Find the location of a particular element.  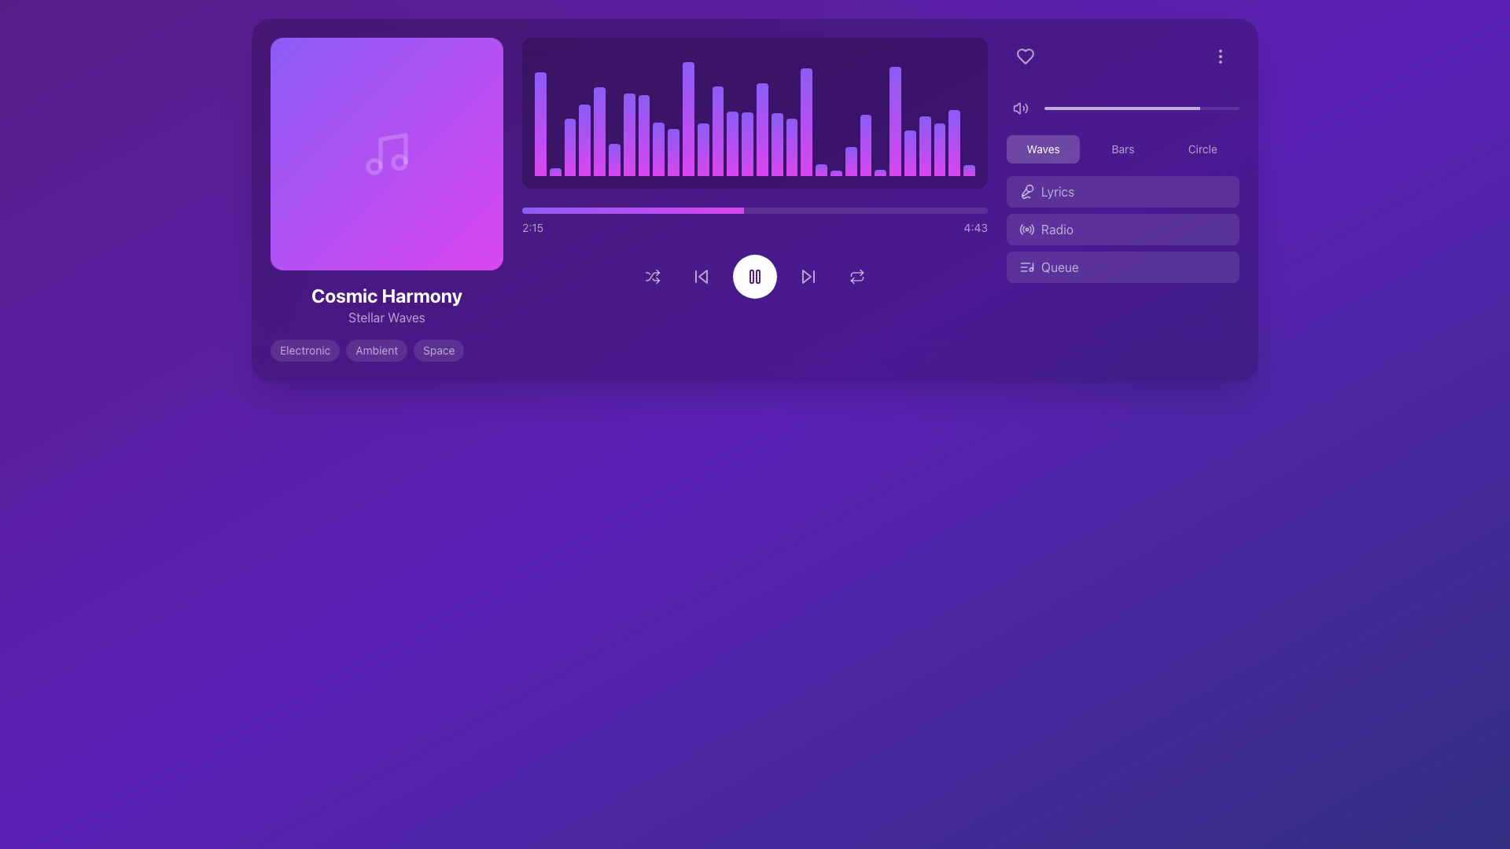

the third vertical bar in the bar chart, which has a gradient color from fuchsia to violet and rounded corners is located at coordinates (569, 147).